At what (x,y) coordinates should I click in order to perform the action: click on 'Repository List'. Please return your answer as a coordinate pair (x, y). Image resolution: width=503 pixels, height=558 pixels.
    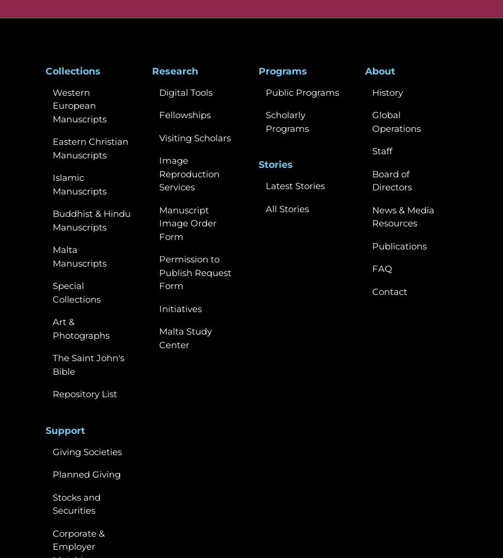
    Looking at the image, I should click on (85, 393).